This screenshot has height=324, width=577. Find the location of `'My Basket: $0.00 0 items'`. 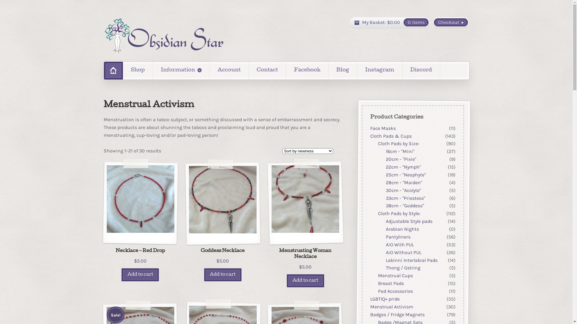

'My Basket: $0.00 0 items' is located at coordinates (390, 22).